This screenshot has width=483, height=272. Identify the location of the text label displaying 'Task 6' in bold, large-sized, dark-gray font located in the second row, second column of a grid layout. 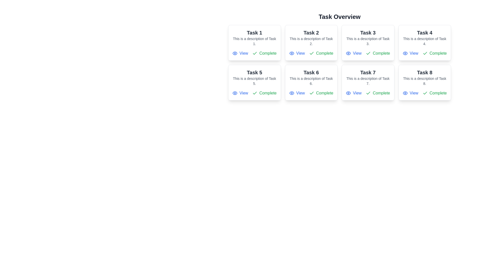
(311, 73).